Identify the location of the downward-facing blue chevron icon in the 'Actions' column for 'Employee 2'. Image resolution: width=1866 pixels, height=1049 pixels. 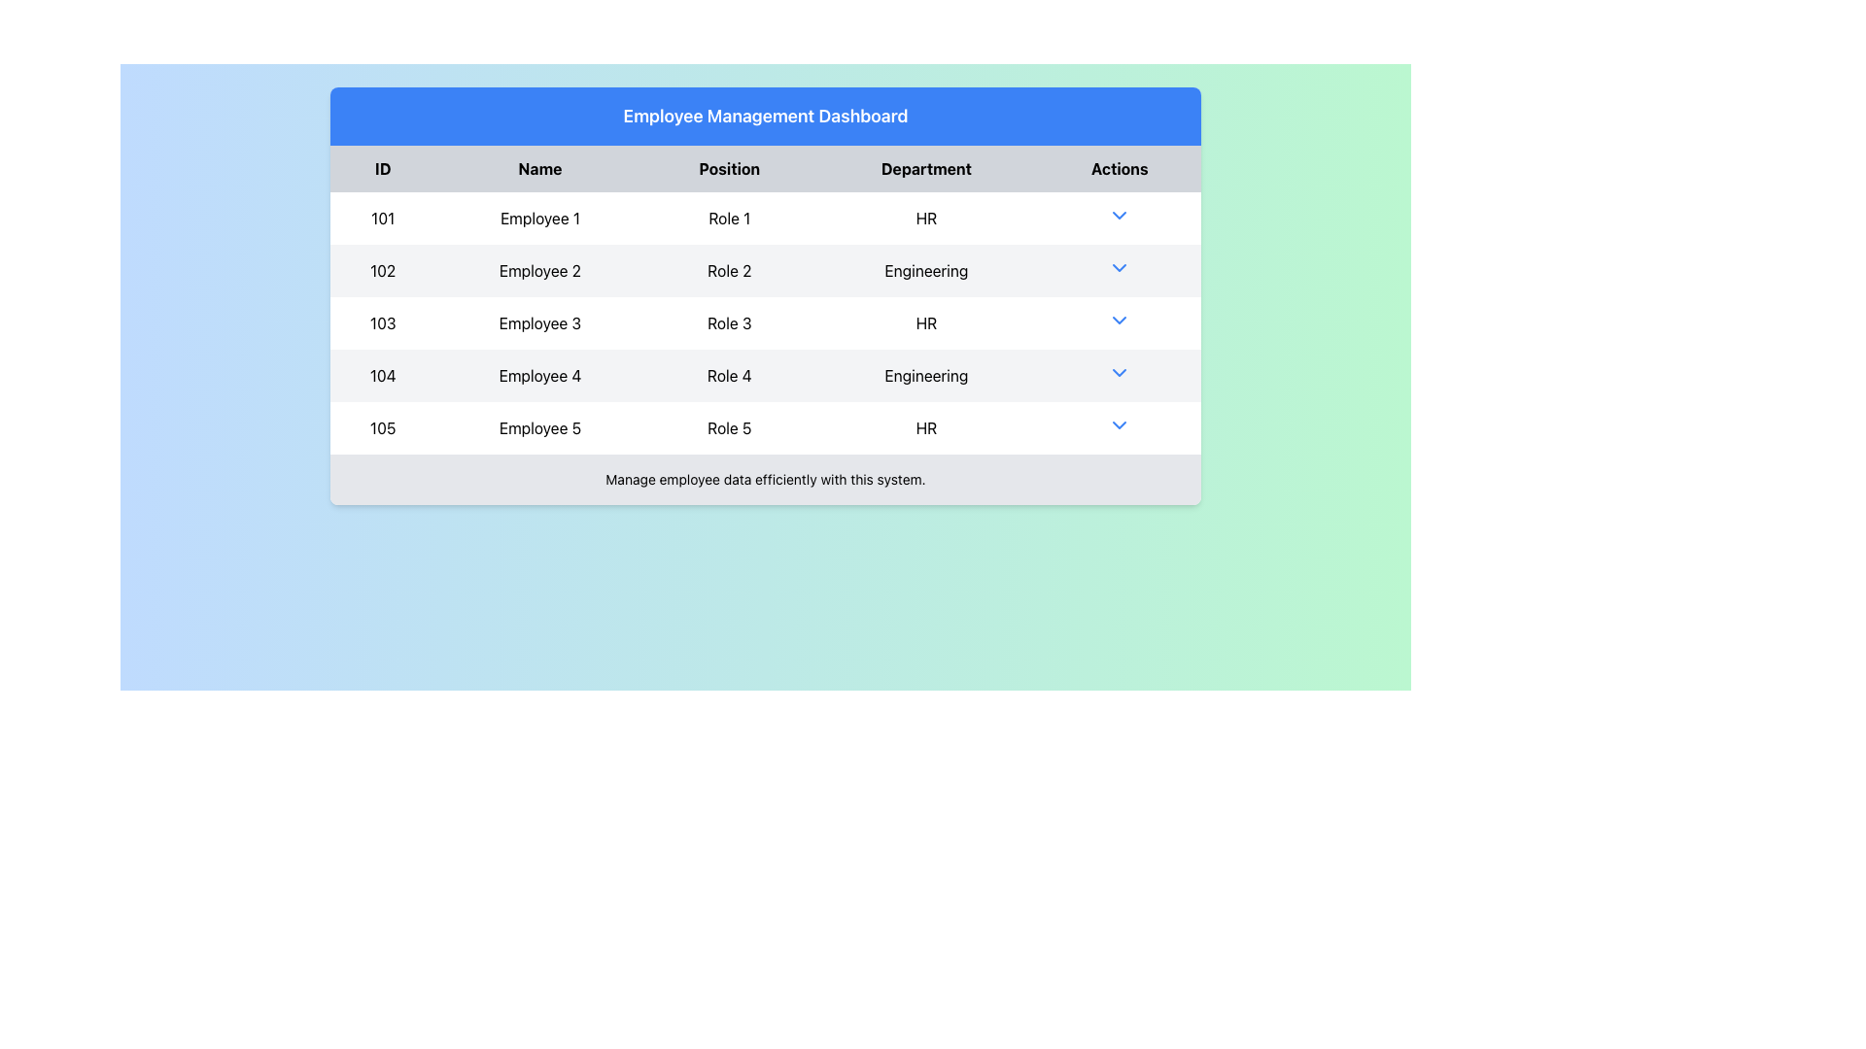
(1120, 268).